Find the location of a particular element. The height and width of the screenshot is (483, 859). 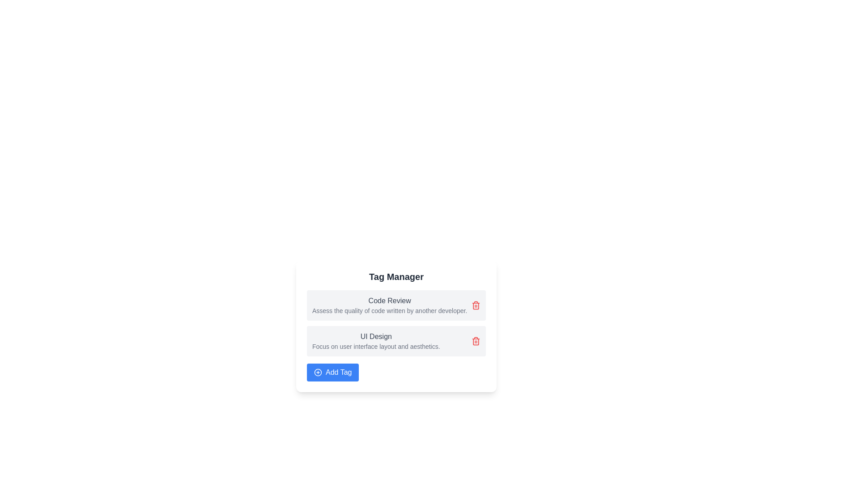

the header text element displaying 'Code Review' that is prominently styled with a dark gray color within the 'Tag Manager' card is located at coordinates (390, 301).